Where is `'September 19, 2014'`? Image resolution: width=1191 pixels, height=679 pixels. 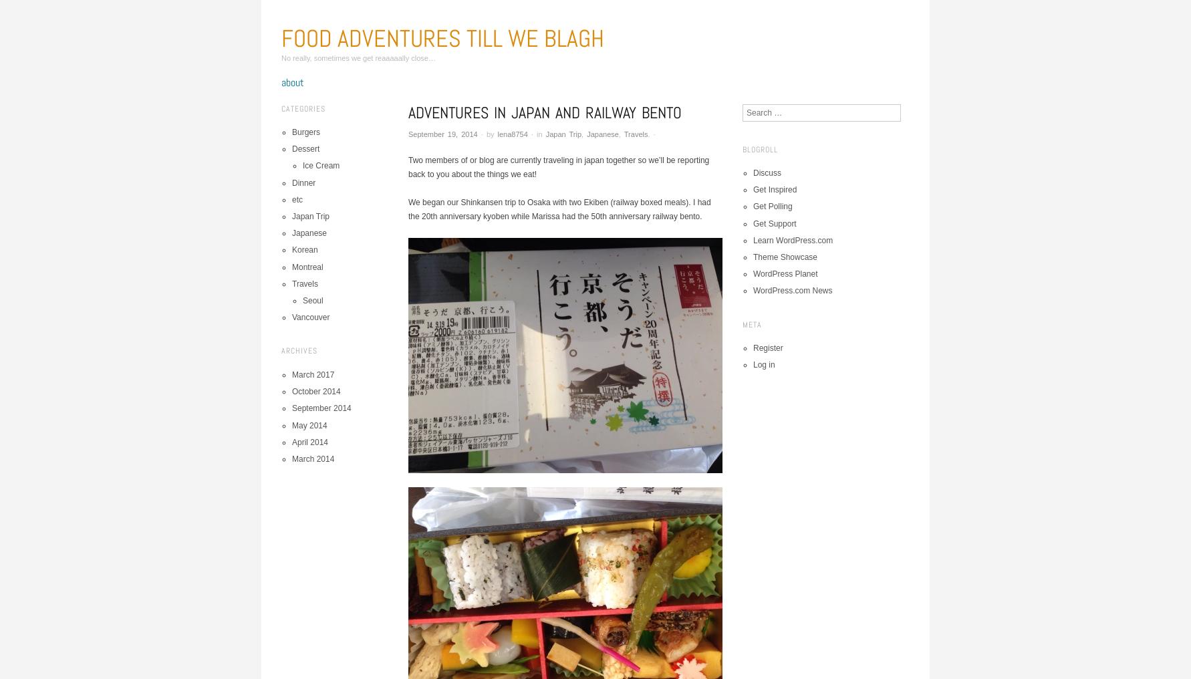 'September 19, 2014' is located at coordinates (442, 134).